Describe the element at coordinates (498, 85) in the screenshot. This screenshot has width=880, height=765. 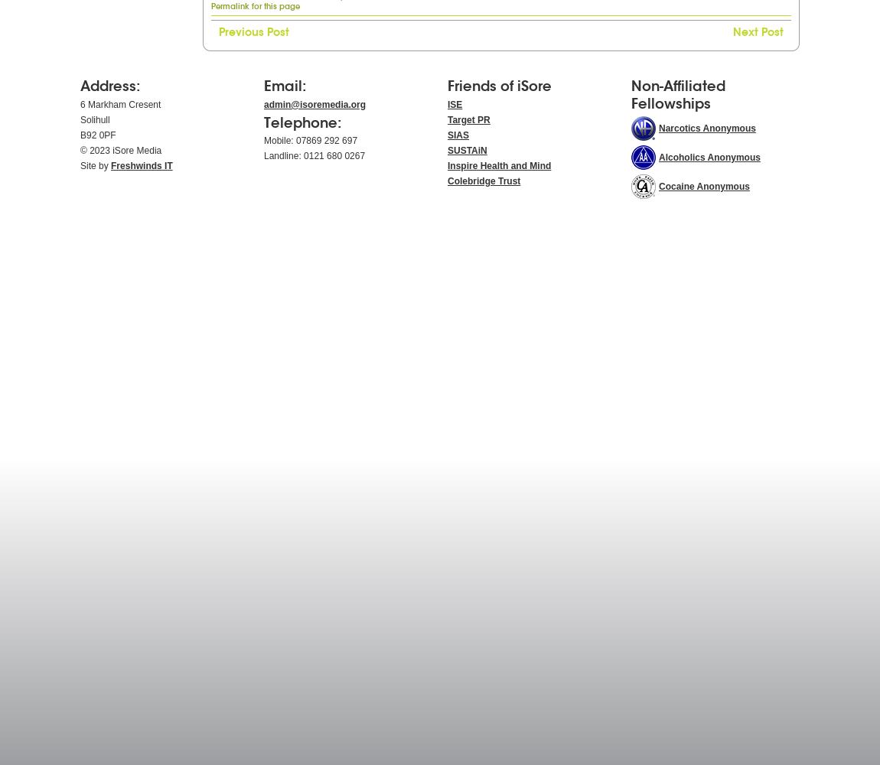
I see `'Friends of iSore'` at that location.